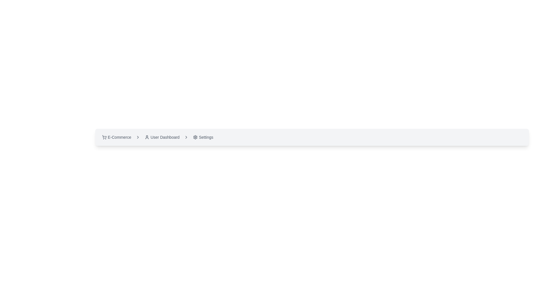 The image size is (546, 307). Describe the element at coordinates (203, 137) in the screenshot. I see `the settings button located in the navigation bar, which is the third clickable item after 'E-Commerce' and 'User Dashboard', to trigger highlighting` at that location.